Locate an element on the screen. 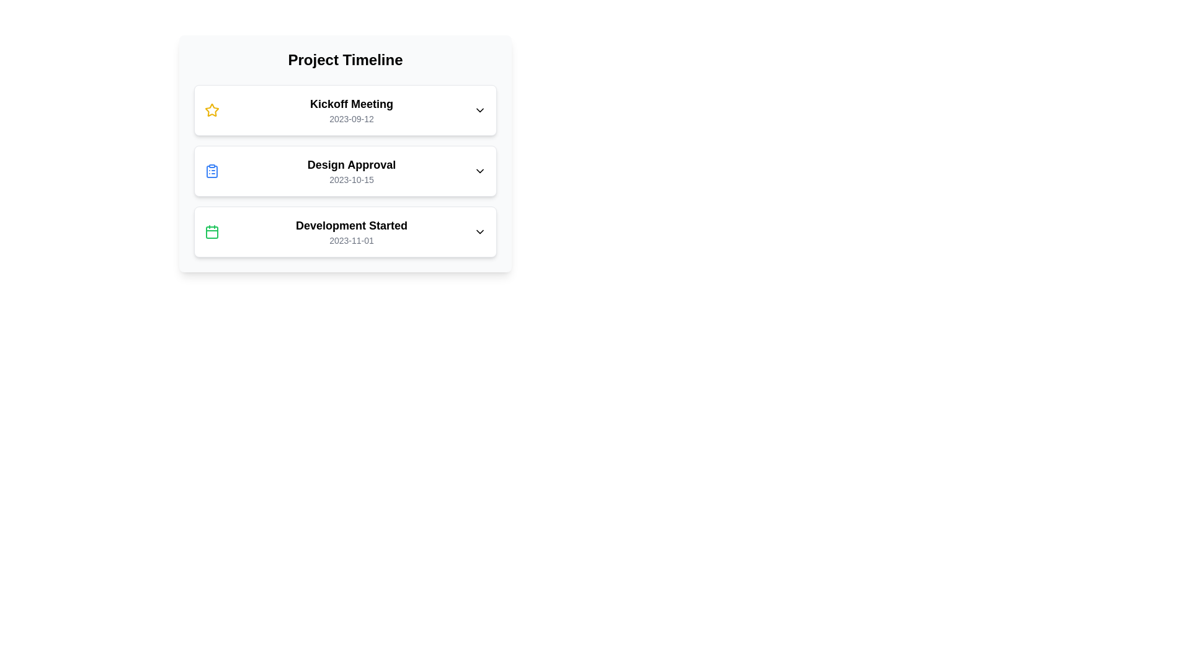 Image resolution: width=1191 pixels, height=670 pixels. the third timeline entry that displays the start of development along with its corresponding date, located below 'Design Approval' is located at coordinates (350, 232).